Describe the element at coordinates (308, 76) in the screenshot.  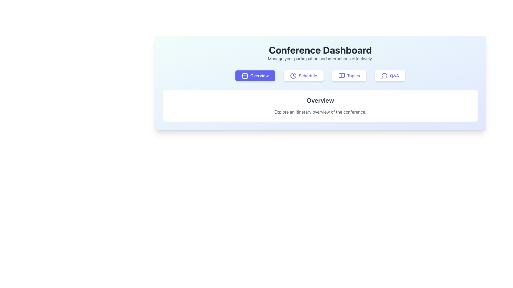
I see `the 'Schedule' text label element, which is part of a button or navigational link in the header section of the interface` at that location.